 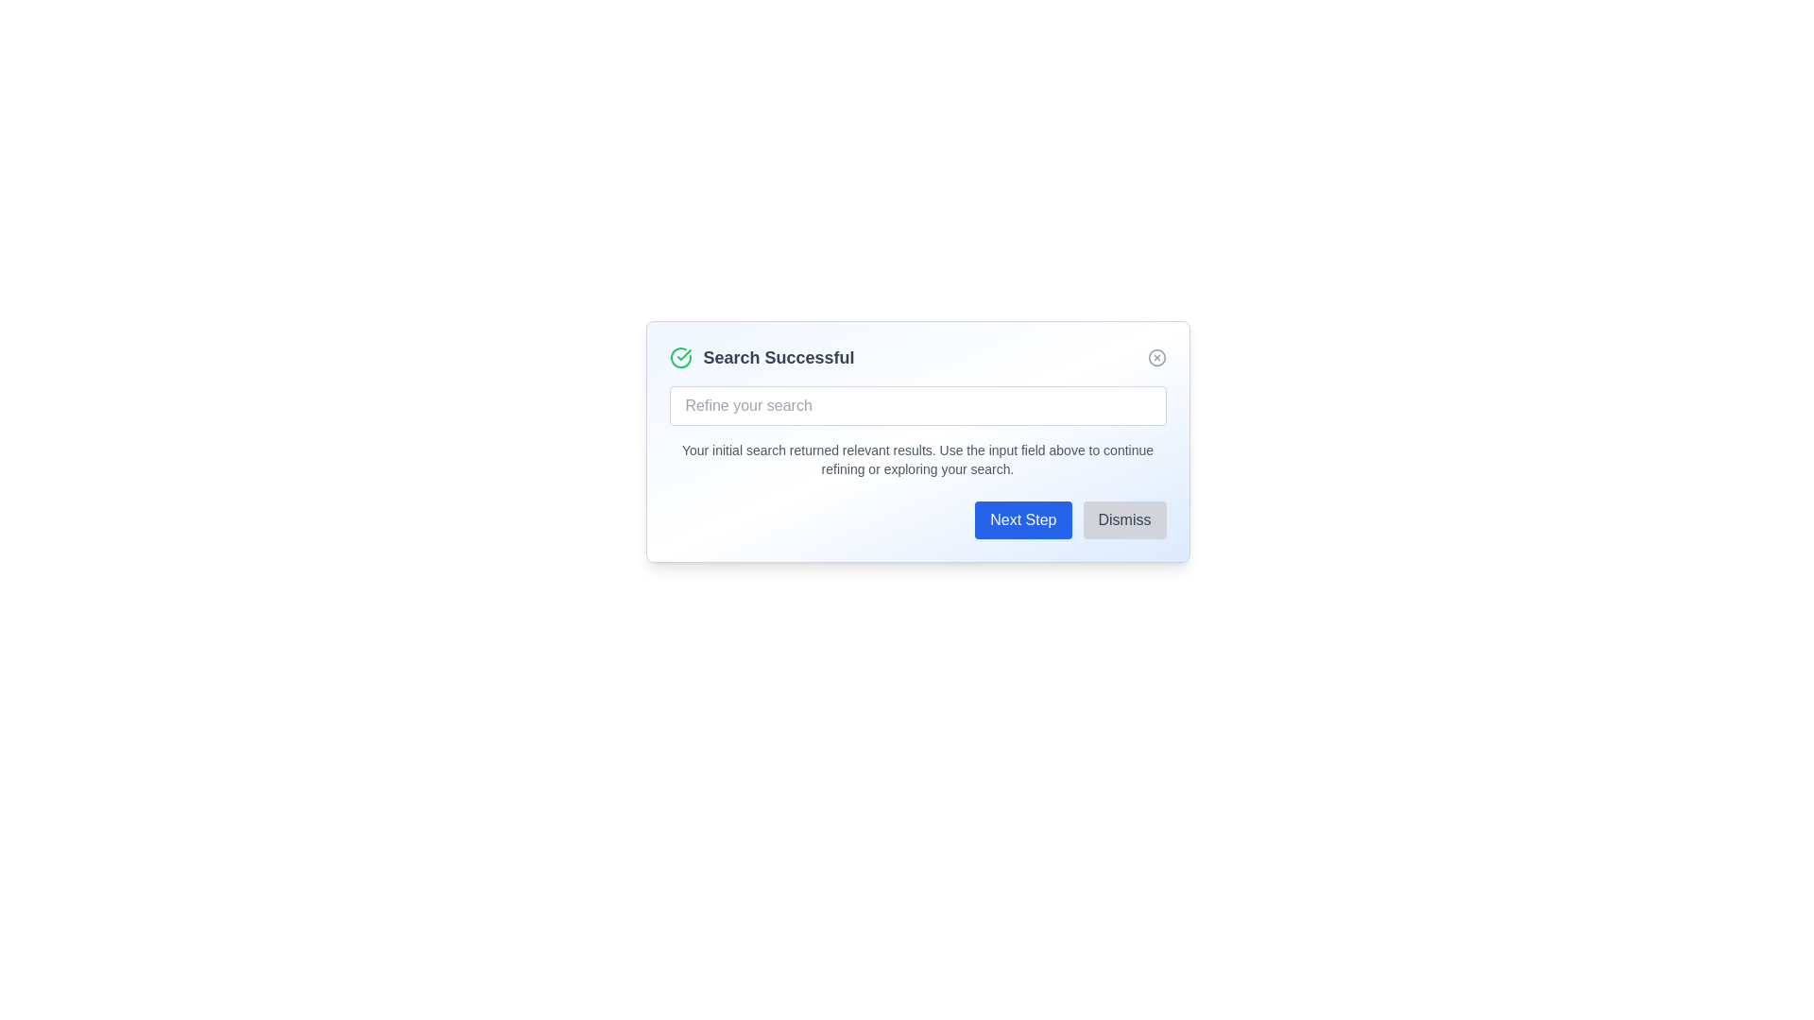 I want to click on the 'Dismiss' button to close the alert, so click(x=1124, y=520).